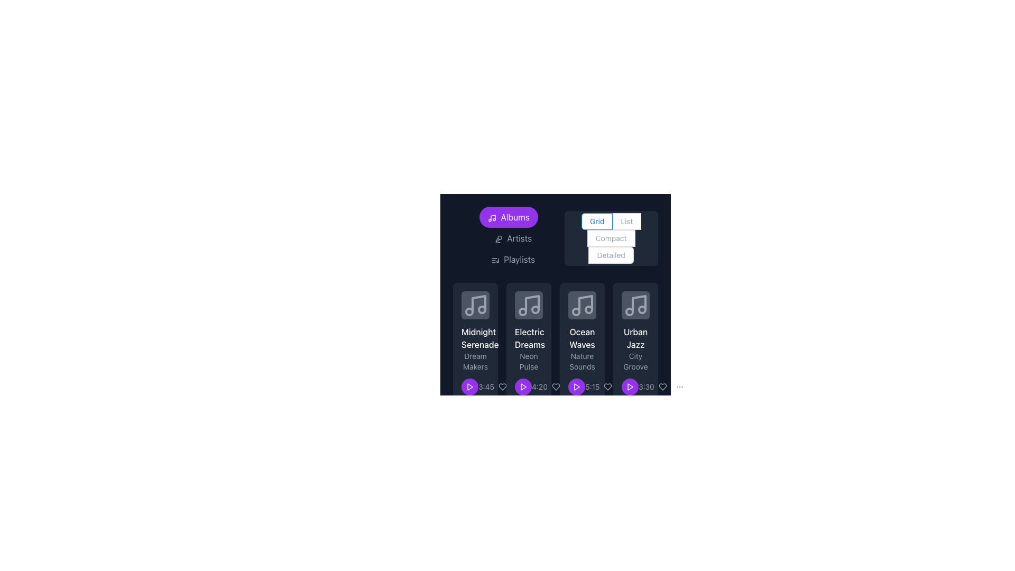  What do you see at coordinates (475, 305) in the screenshot?
I see `the Image icon located in the top-left corner of the 'Midnight Serenade' album card, which features a dark gray background with a musical note in lighter gray` at bounding box center [475, 305].